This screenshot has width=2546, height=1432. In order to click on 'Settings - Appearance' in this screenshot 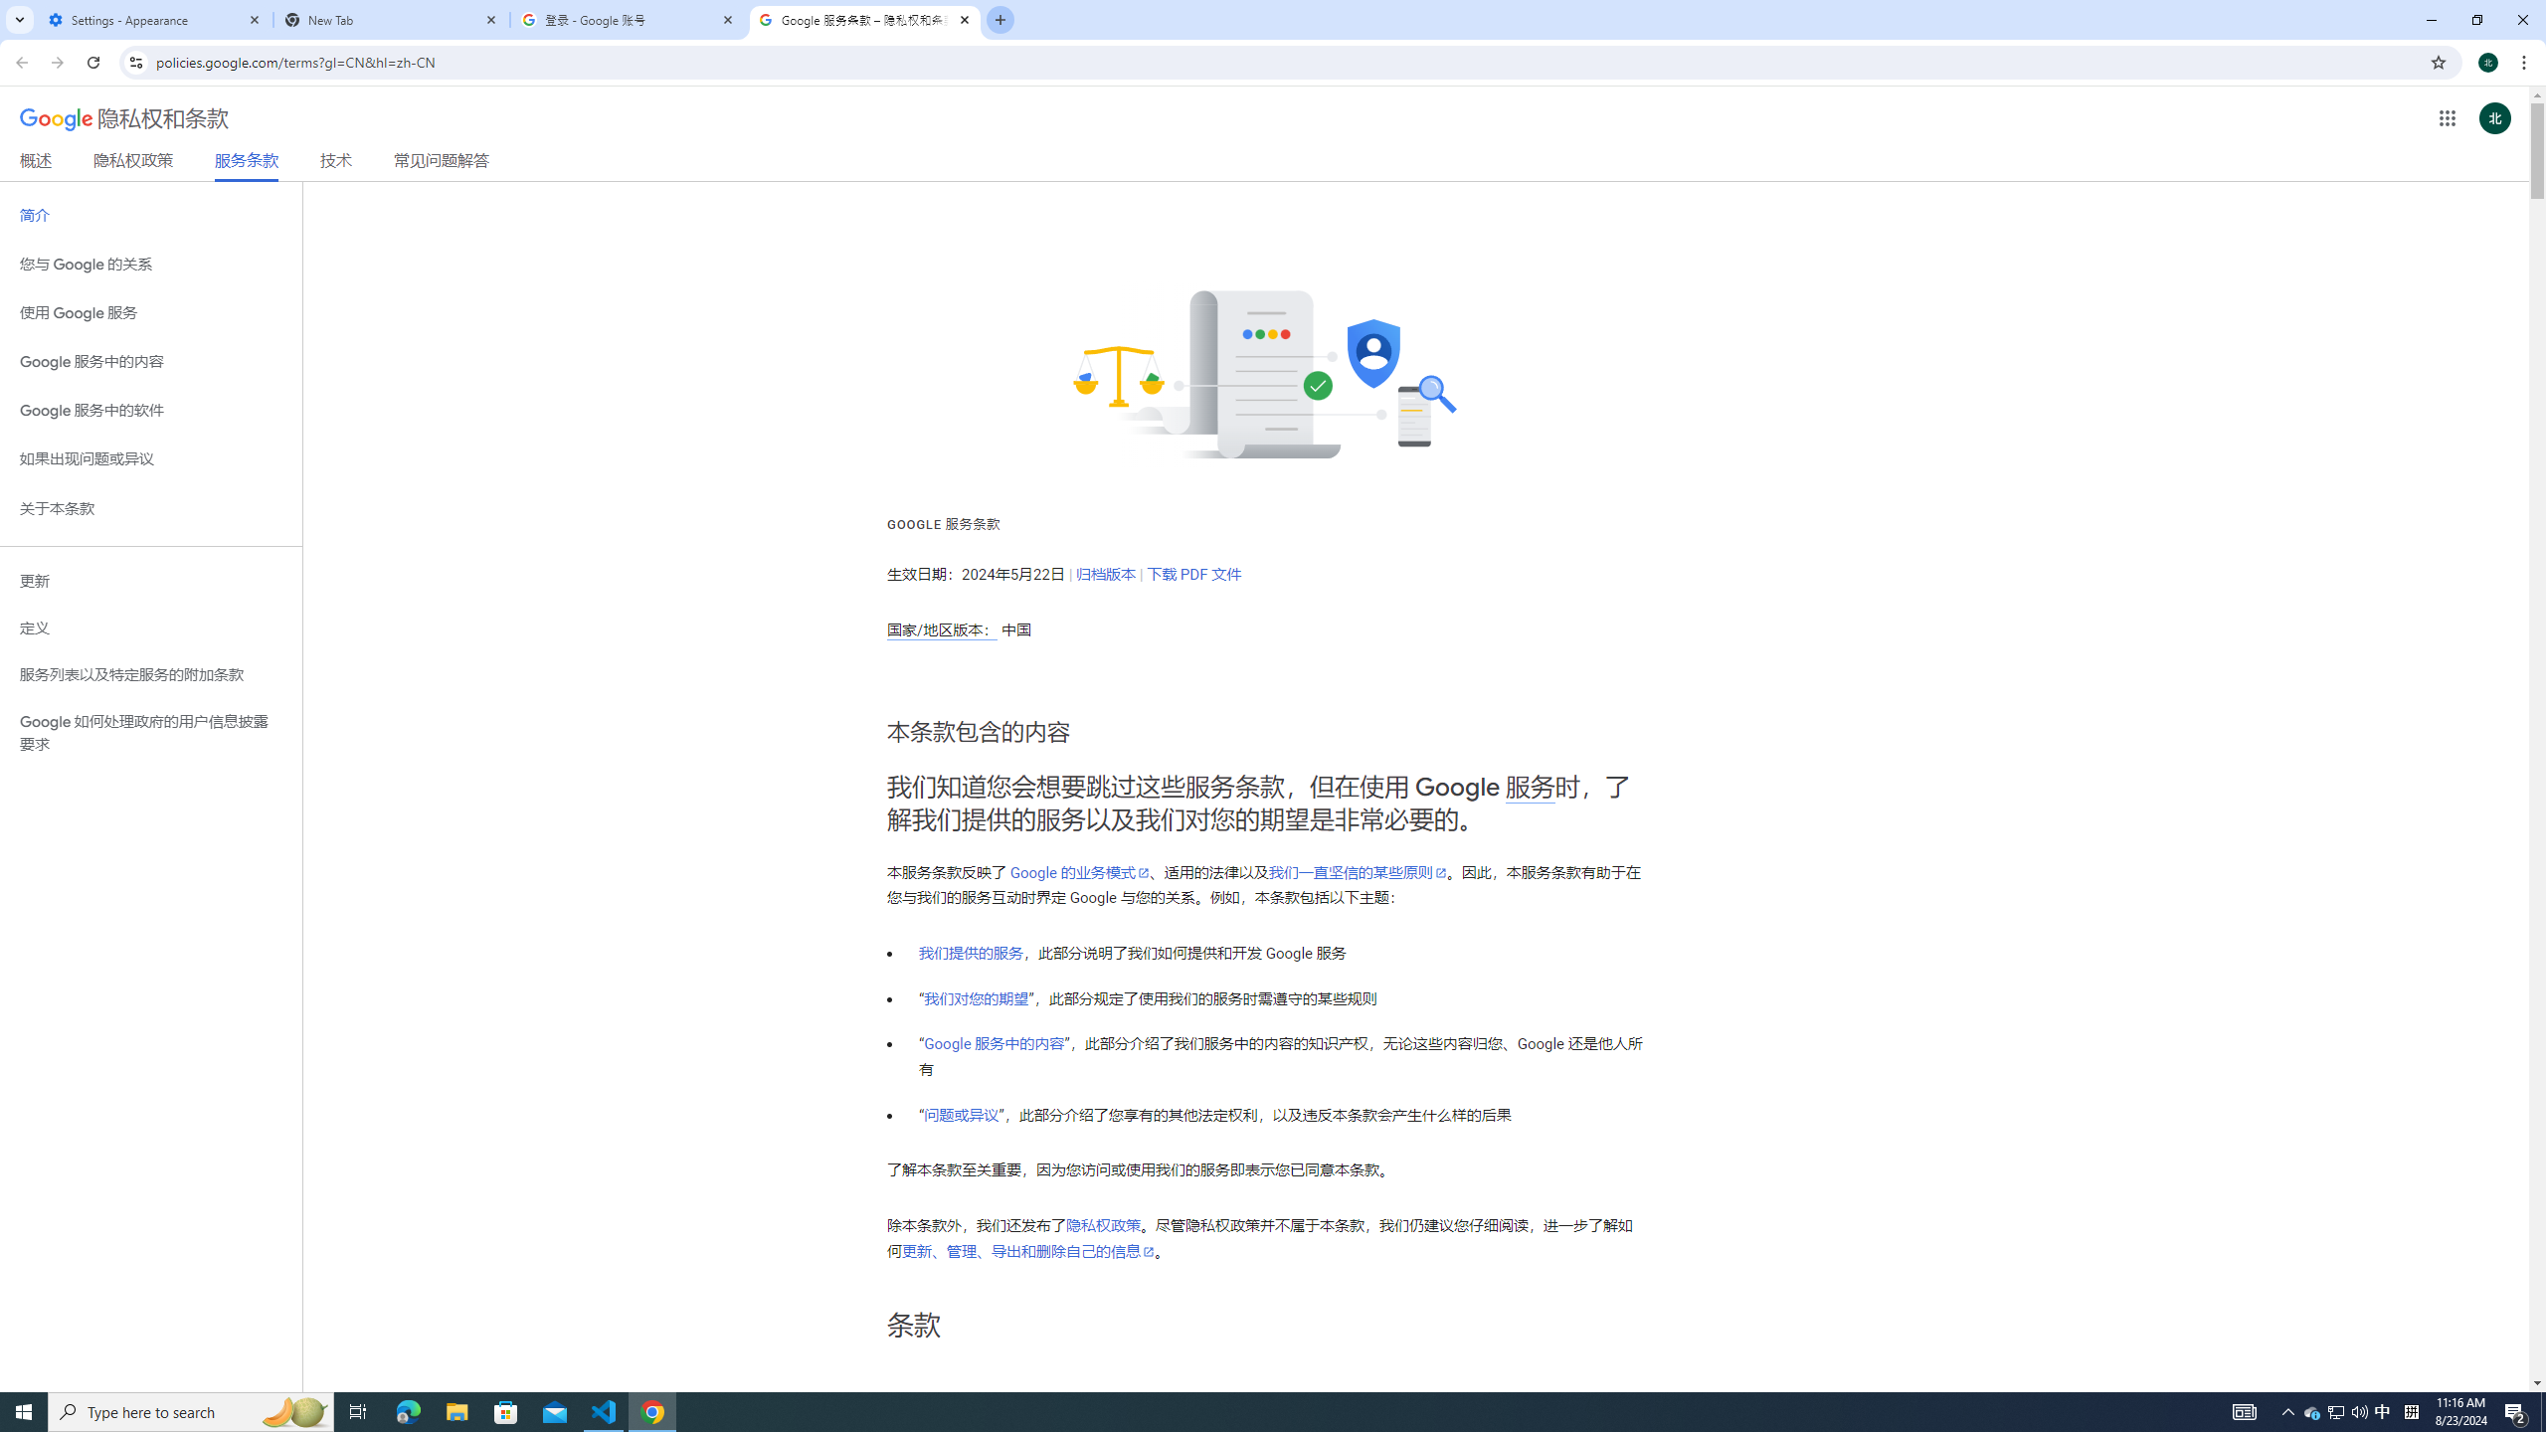, I will do `click(154, 19)`.